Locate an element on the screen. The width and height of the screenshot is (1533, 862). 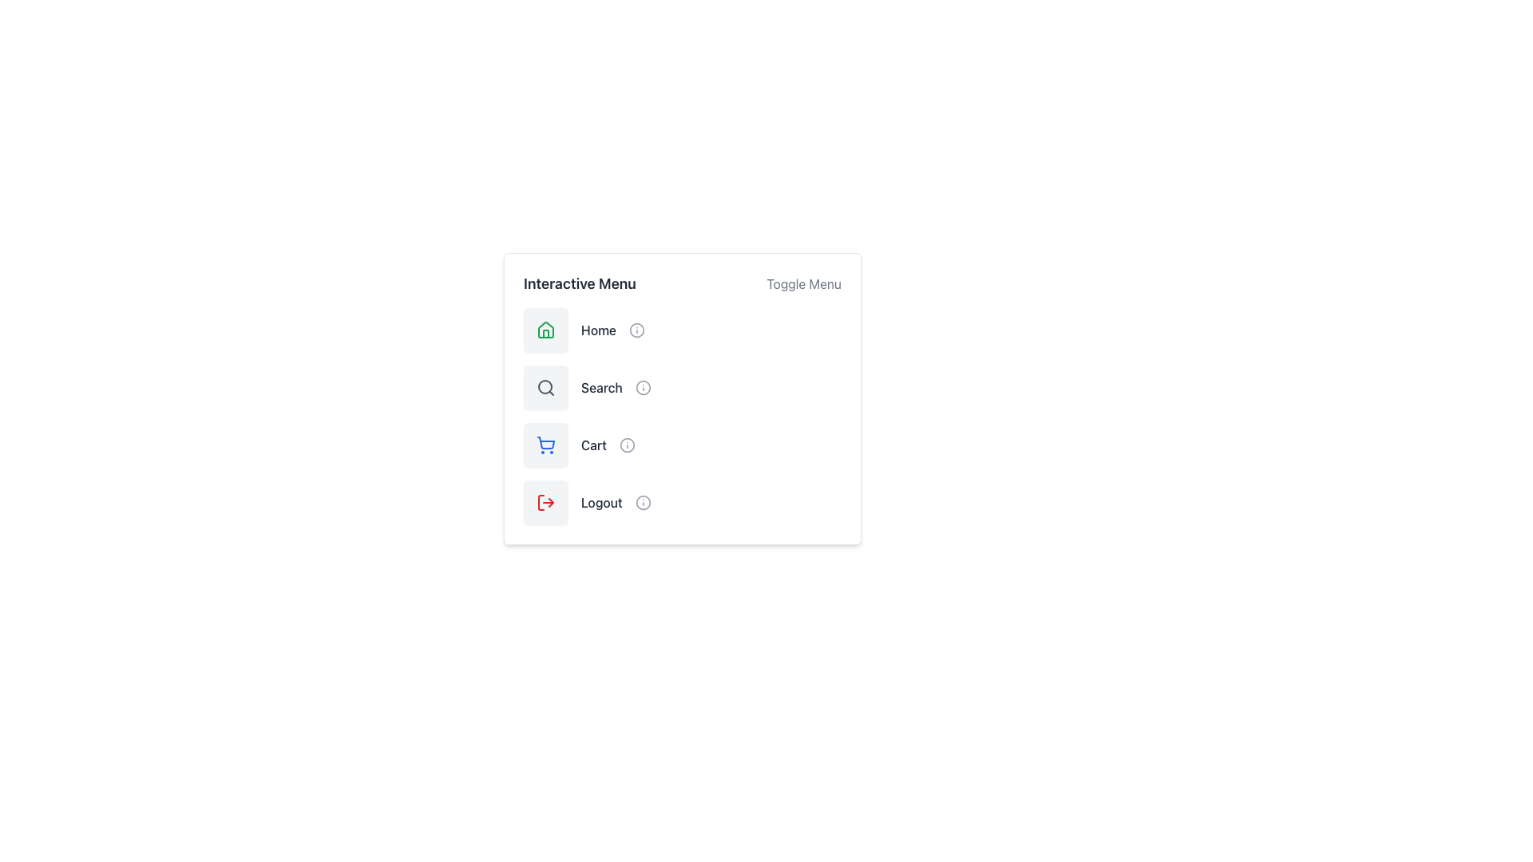
the 'Cart' text label in the 'Interactive Menu', which is the third menu item below 'Search' and above 'Logout' is located at coordinates (593, 445).